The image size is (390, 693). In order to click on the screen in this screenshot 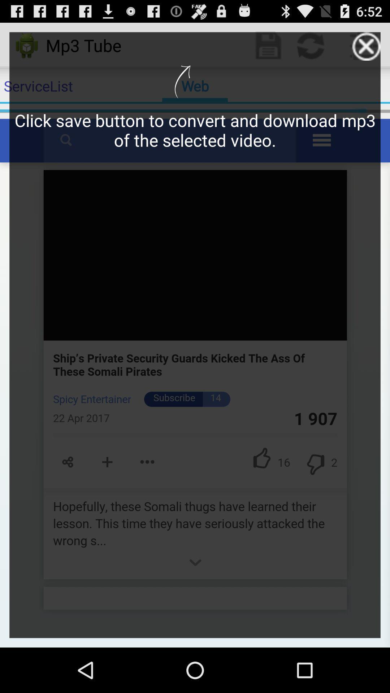, I will do `click(366, 46)`.